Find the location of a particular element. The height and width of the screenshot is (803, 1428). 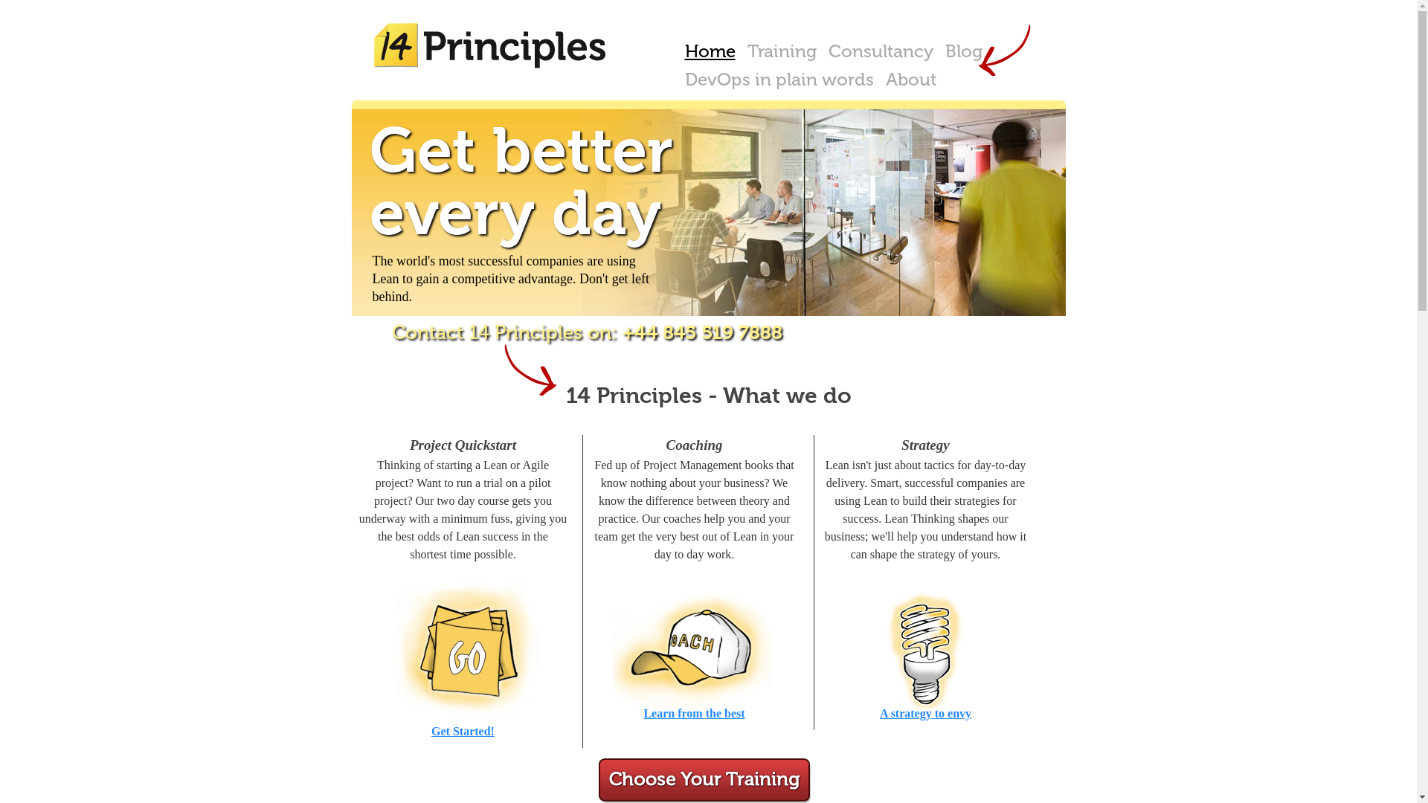

'A strategy to envy' is located at coordinates (924, 712).